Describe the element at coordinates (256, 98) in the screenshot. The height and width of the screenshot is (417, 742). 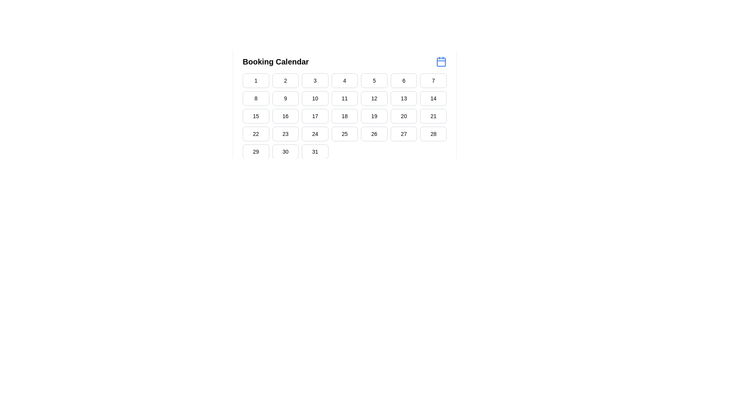
I see `the button labeled '8' in the calendar grid for accessibility navigation` at that location.